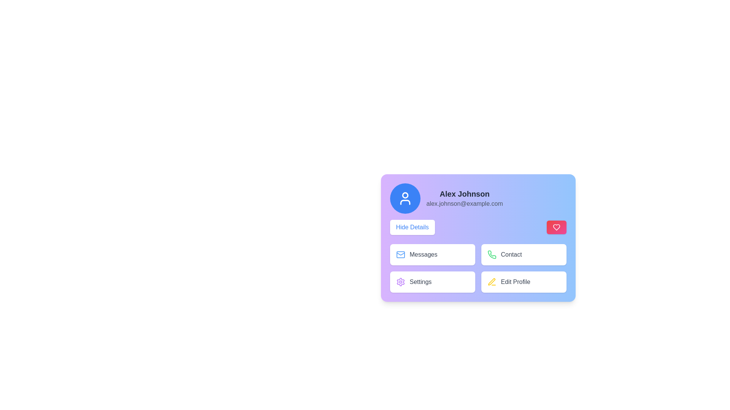  I want to click on the small, yellow-colored icon resembling a stylized pen located within the 'Edit Profile' button on the bottom-right side of the card interface, so click(491, 282).